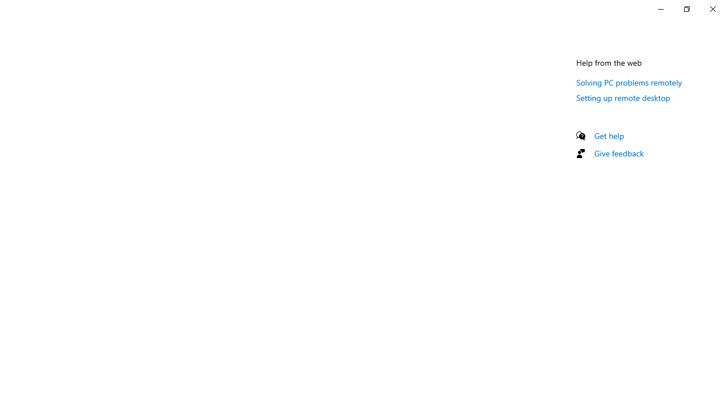 The width and height of the screenshot is (726, 408). I want to click on 'Close Settings', so click(712, 8).